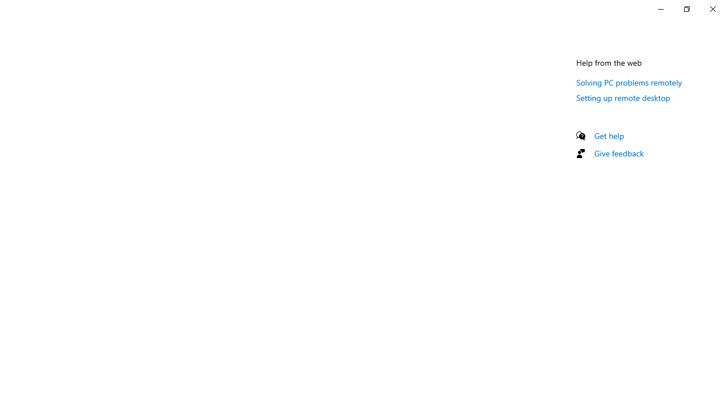 The width and height of the screenshot is (726, 408). I want to click on 'Close Settings', so click(712, 8).